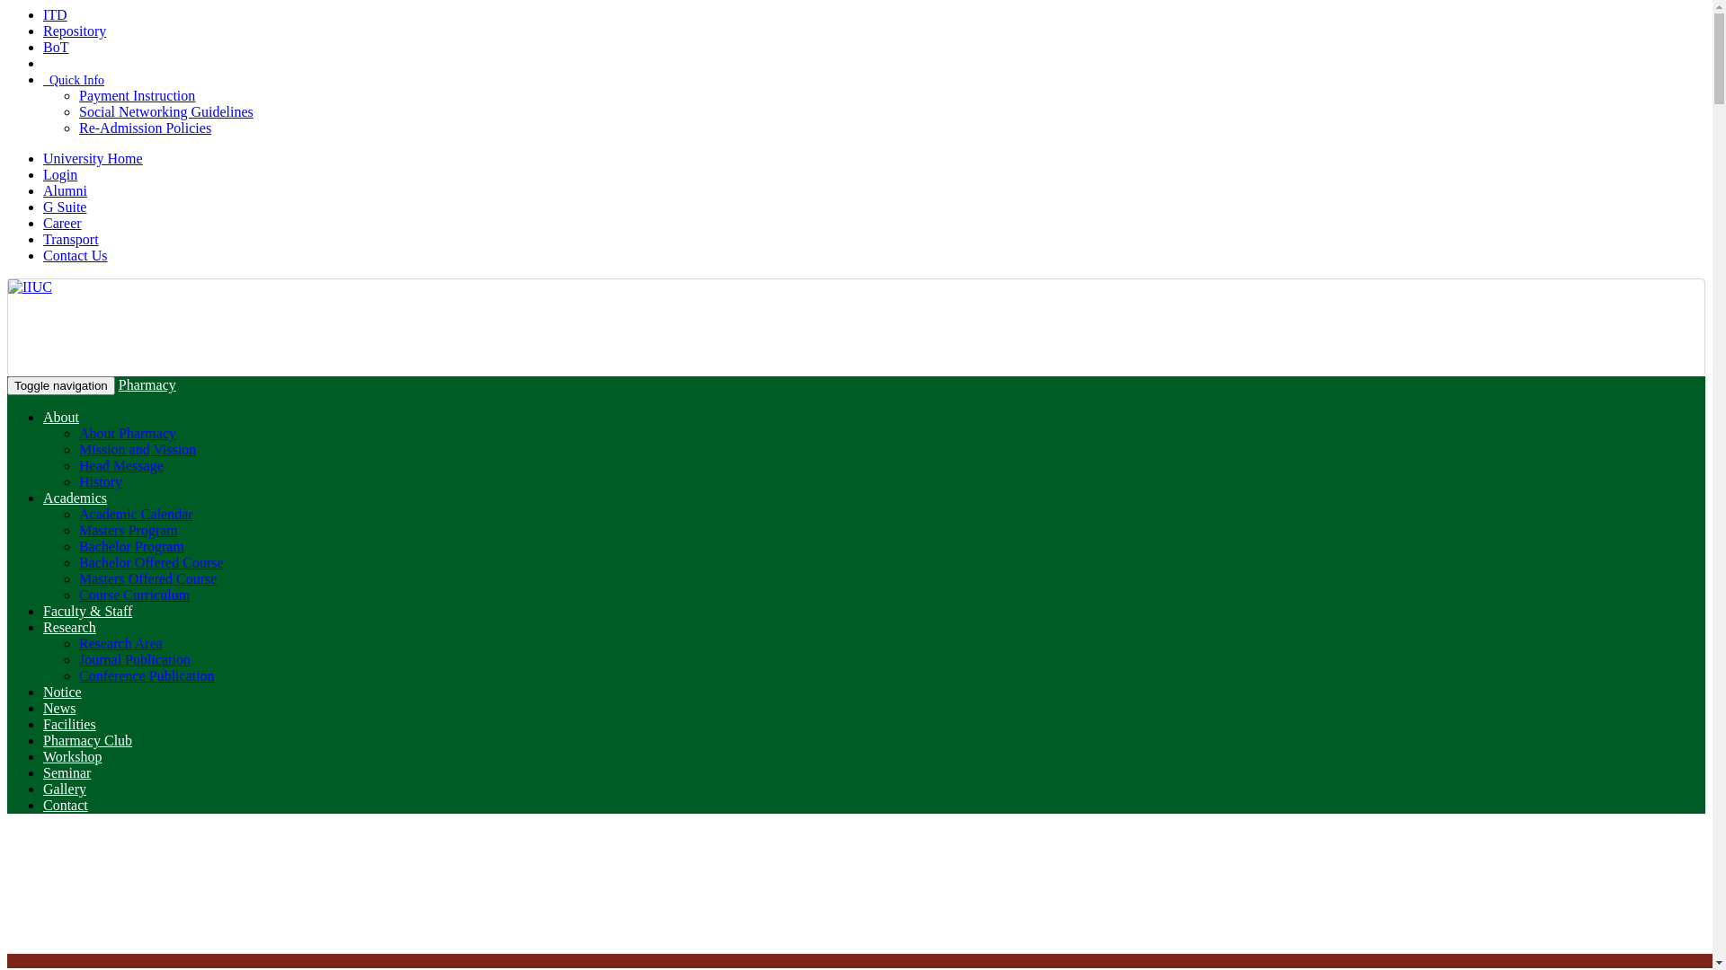  Describe the element at coordinates (137, 448) in the screenshot. I see `'Mission and Vission'` at that location.